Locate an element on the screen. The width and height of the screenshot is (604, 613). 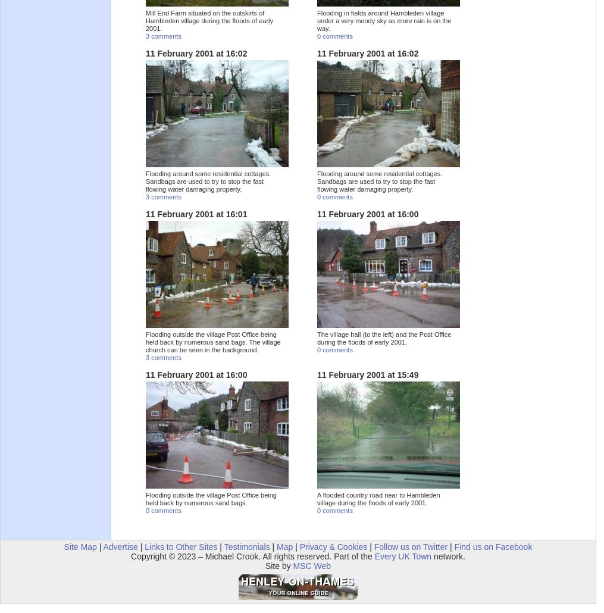
'Site by' is located at coordinates (264, 565).